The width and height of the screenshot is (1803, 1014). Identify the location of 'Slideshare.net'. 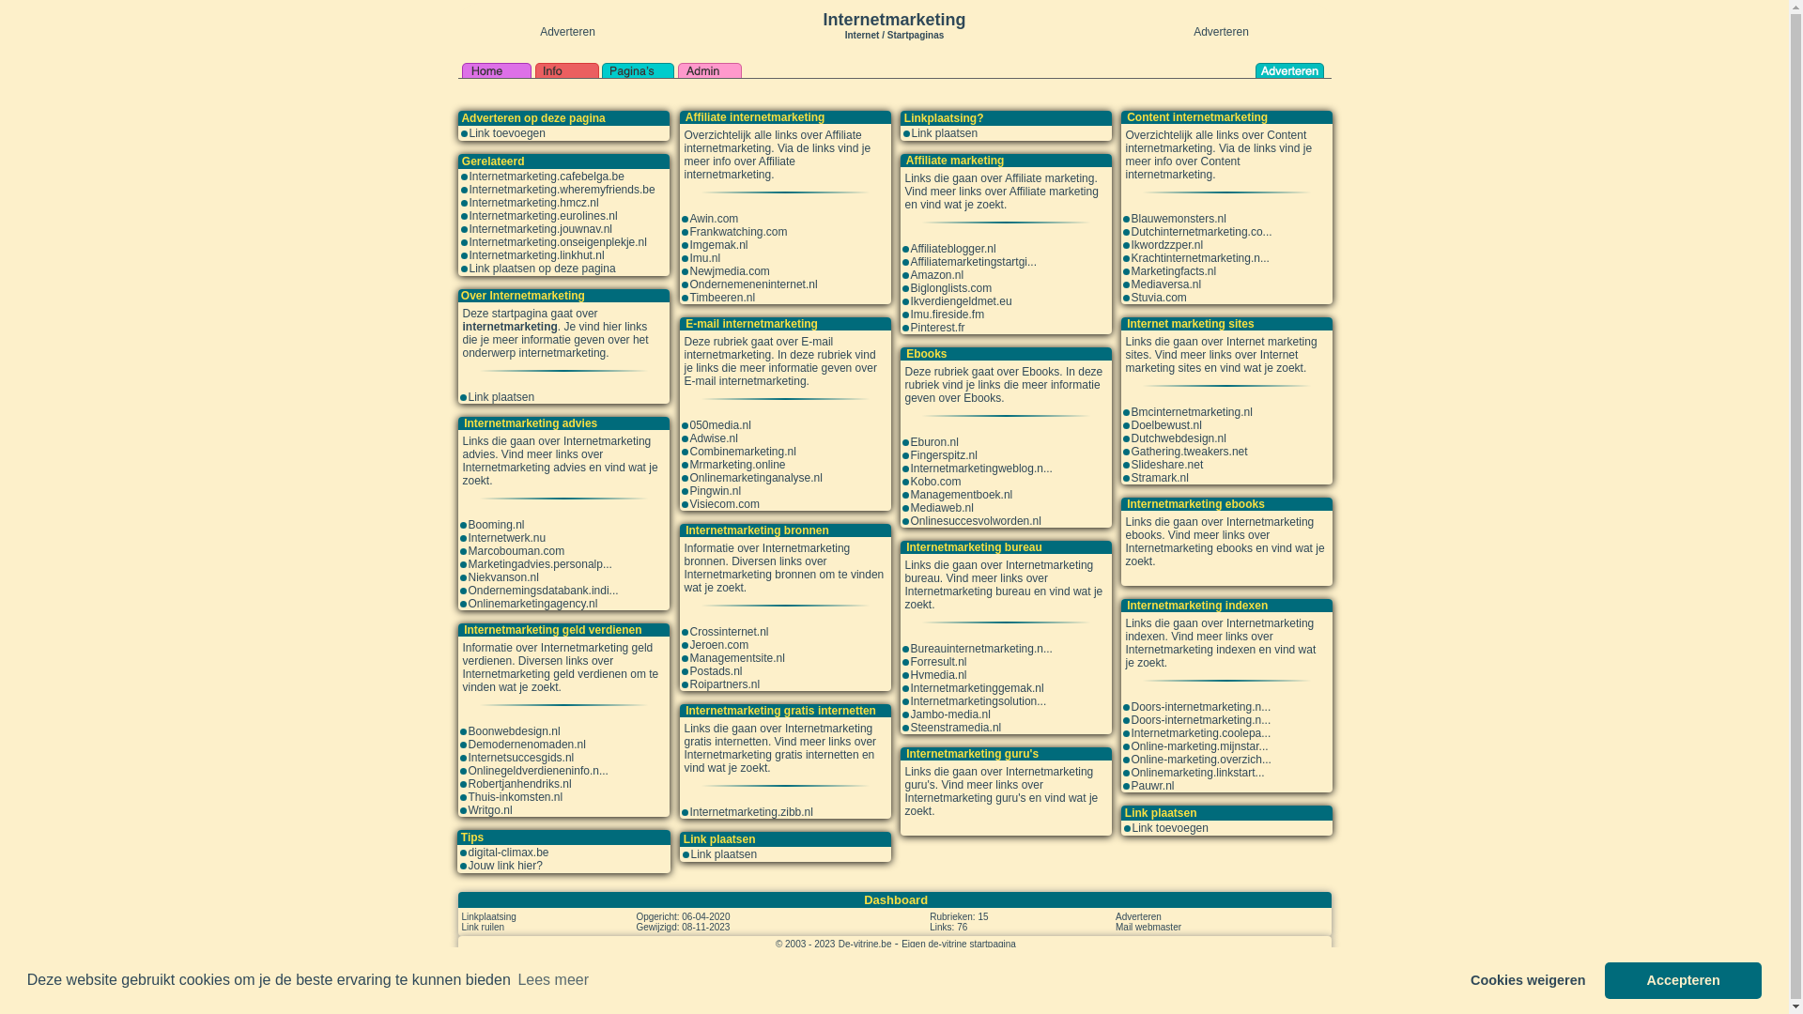
(1165, 464).